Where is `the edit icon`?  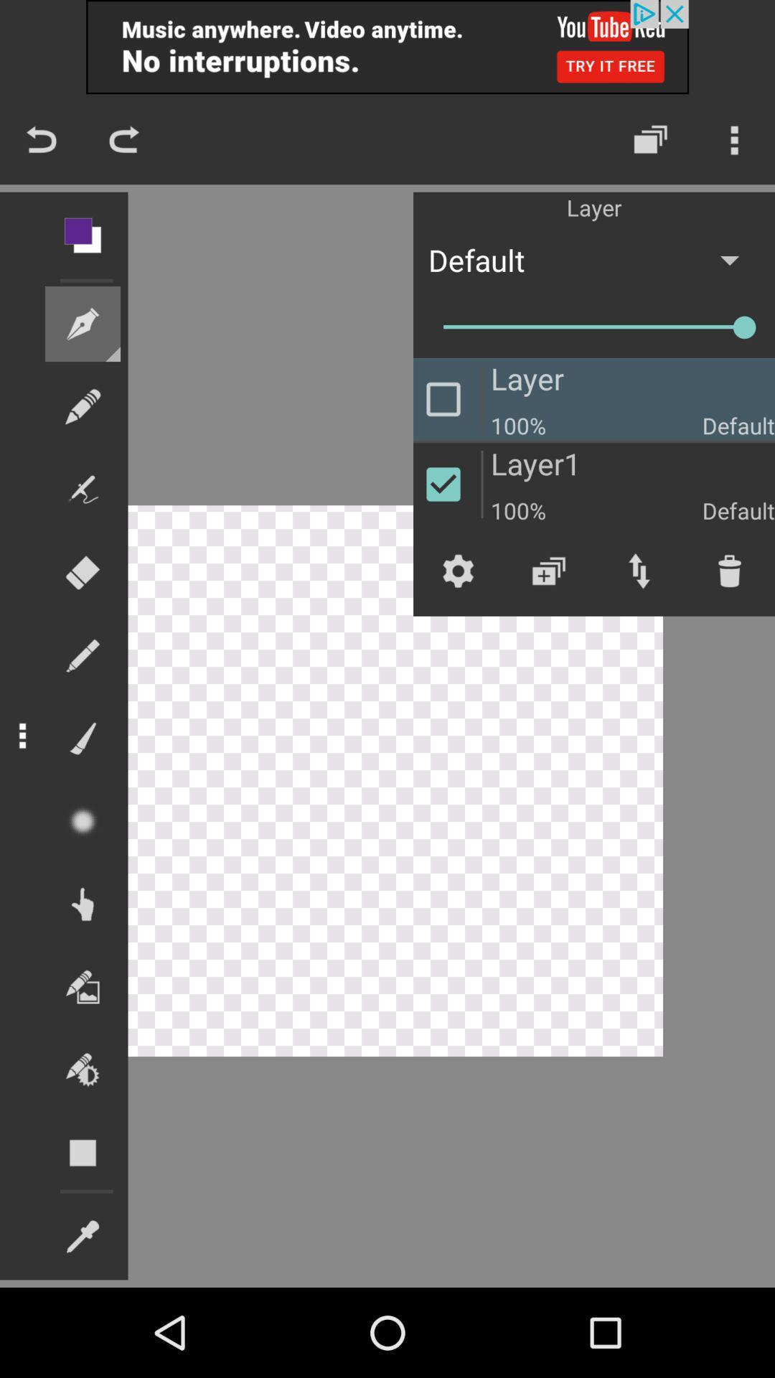
the edit icon is located at coordinates (83, 323).